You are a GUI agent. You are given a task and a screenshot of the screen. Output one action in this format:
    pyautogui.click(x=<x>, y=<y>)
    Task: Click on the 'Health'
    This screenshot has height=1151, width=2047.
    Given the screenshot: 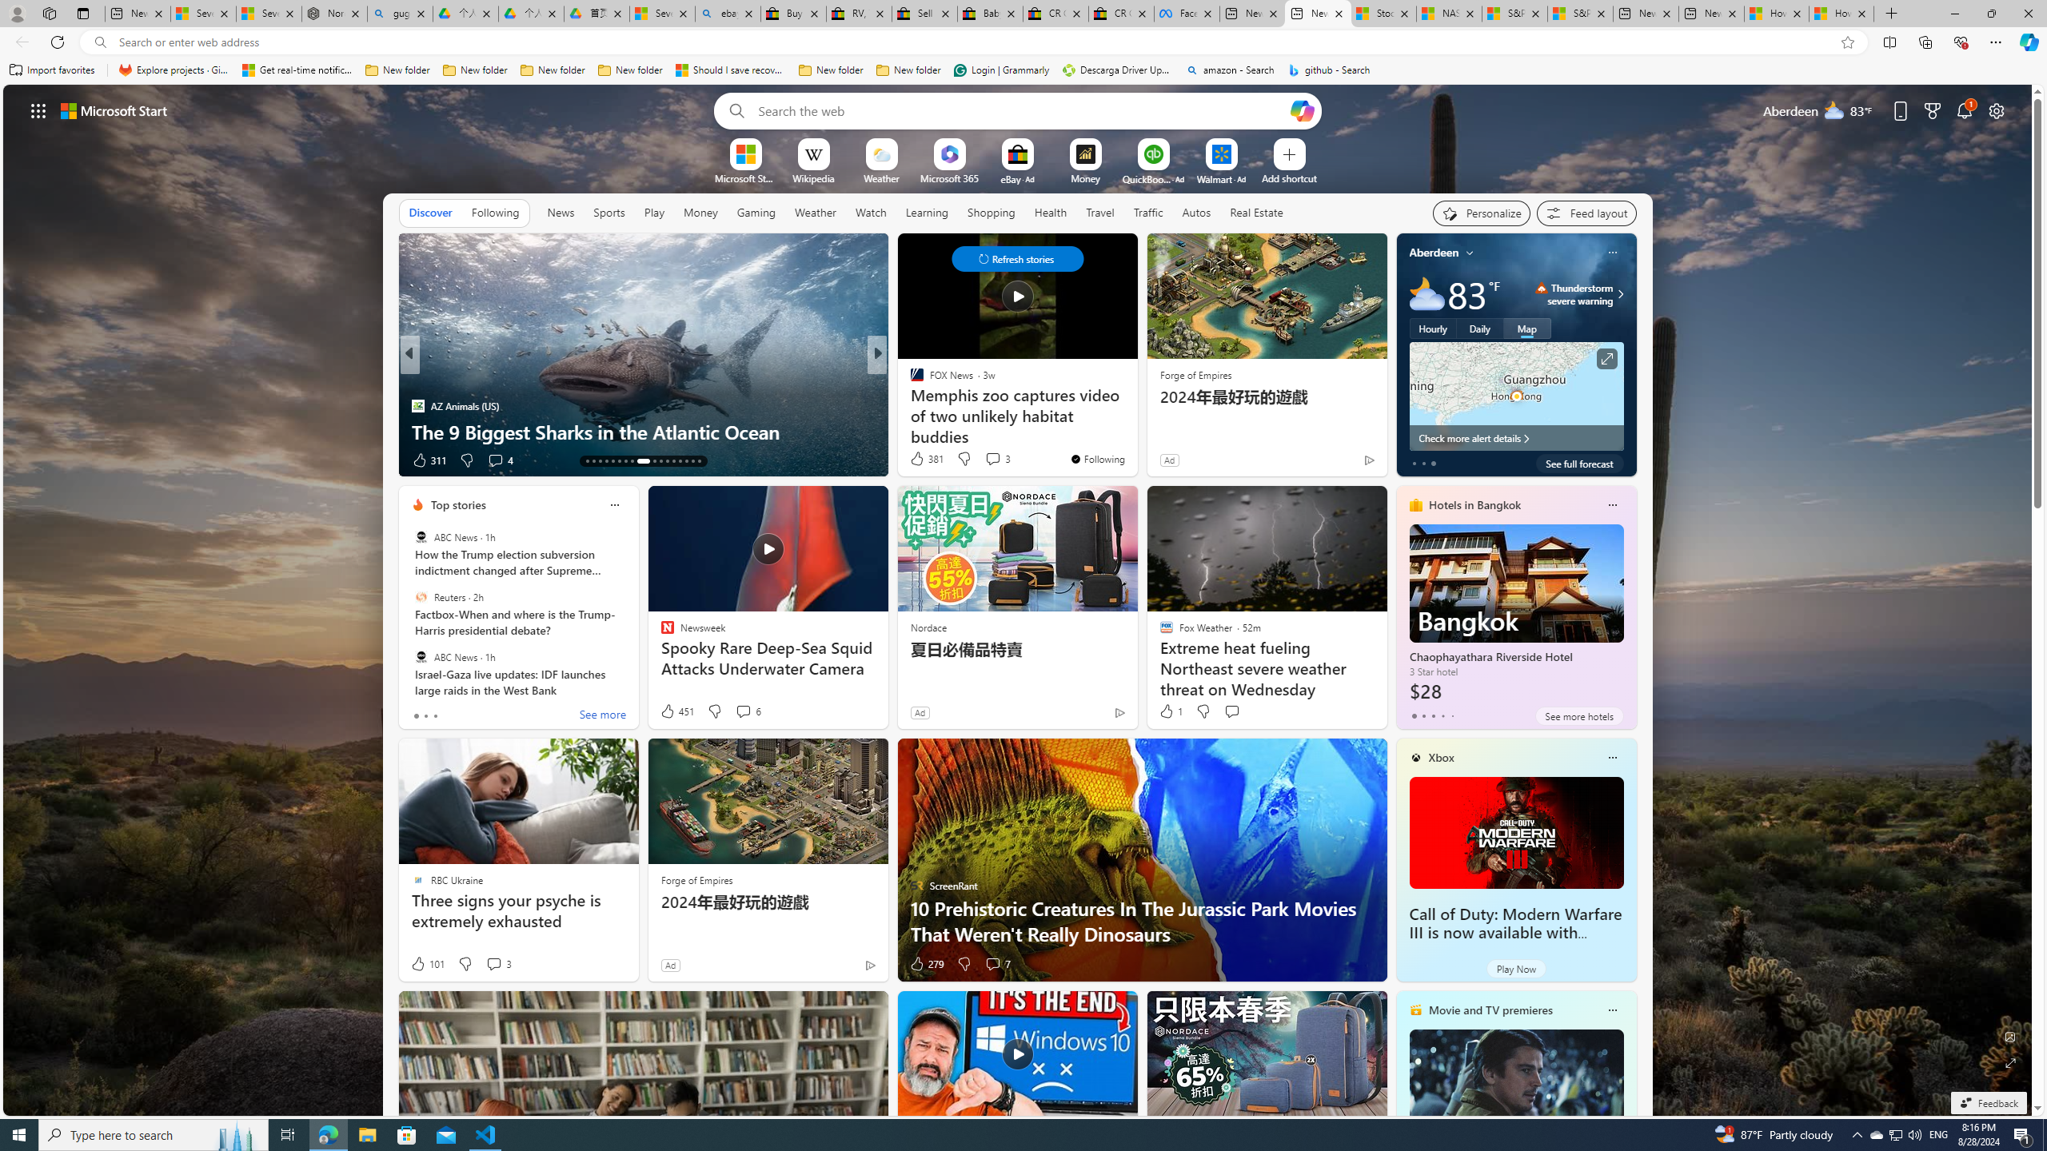 What is the action you would take?
    pyautogui.click(x=1049, y=212)
    